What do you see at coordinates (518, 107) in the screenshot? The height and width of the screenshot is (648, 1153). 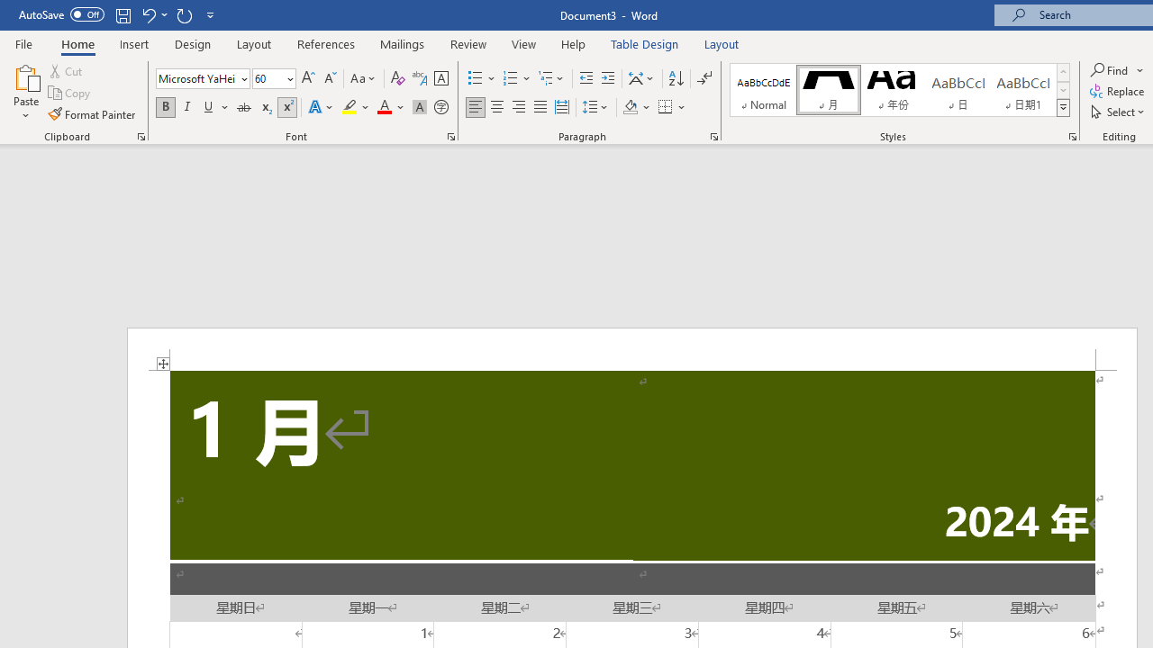 I see `'Align Right'` at bounding box center [518, 107].